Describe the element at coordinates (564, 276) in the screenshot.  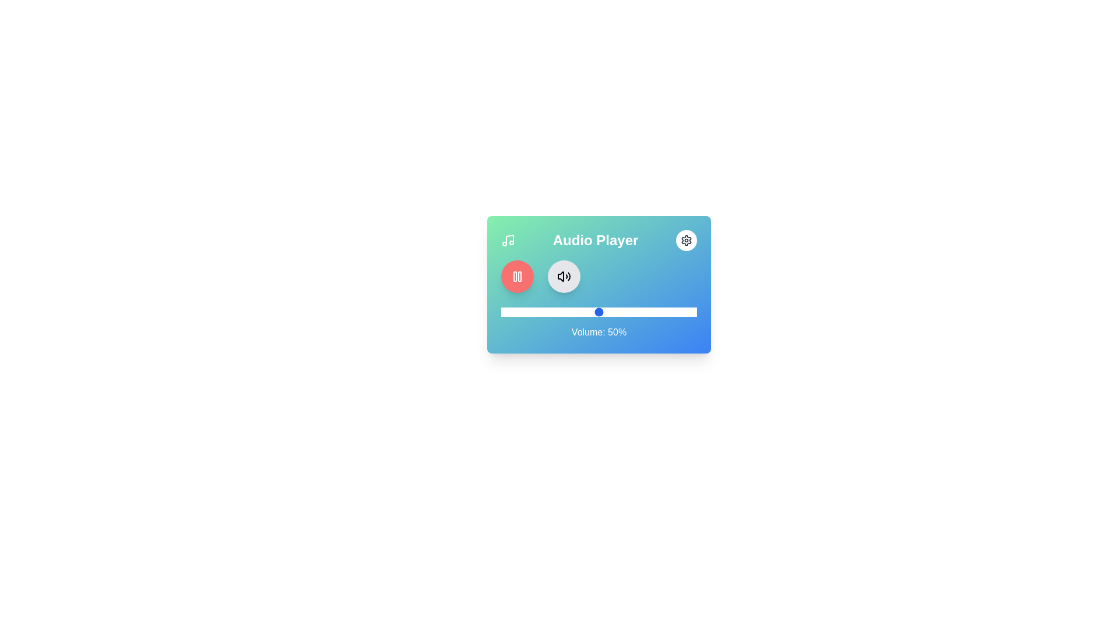
I see `the icon button located on the right side of the circular buttons in the main audio player panel` at that location.